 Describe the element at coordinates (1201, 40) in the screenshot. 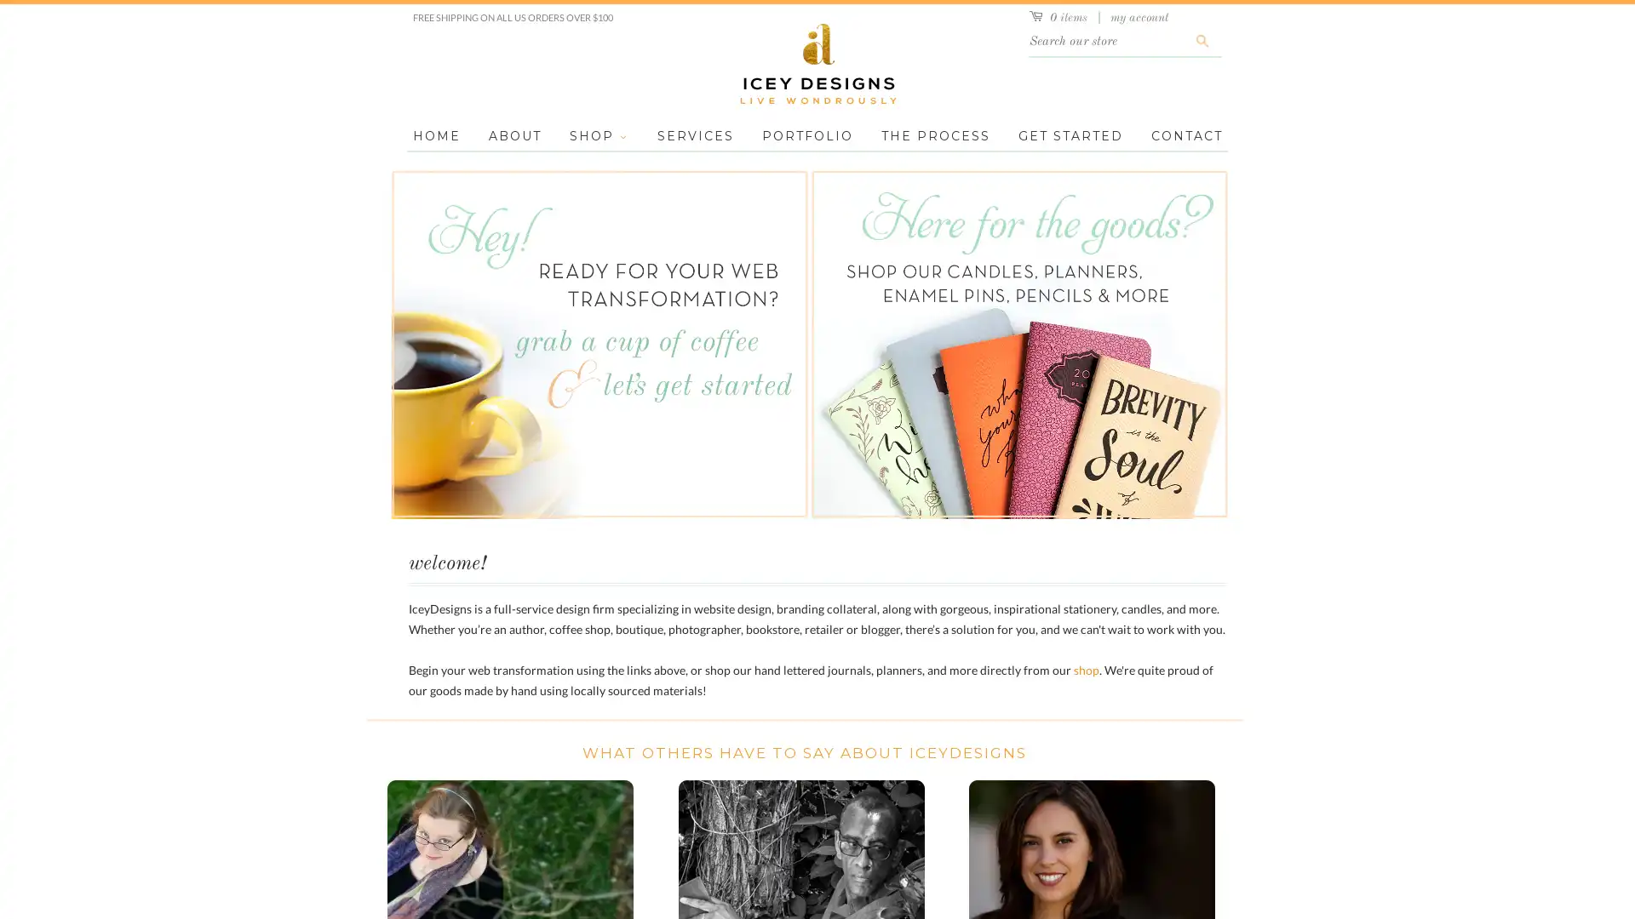

I see `Search` at that location.